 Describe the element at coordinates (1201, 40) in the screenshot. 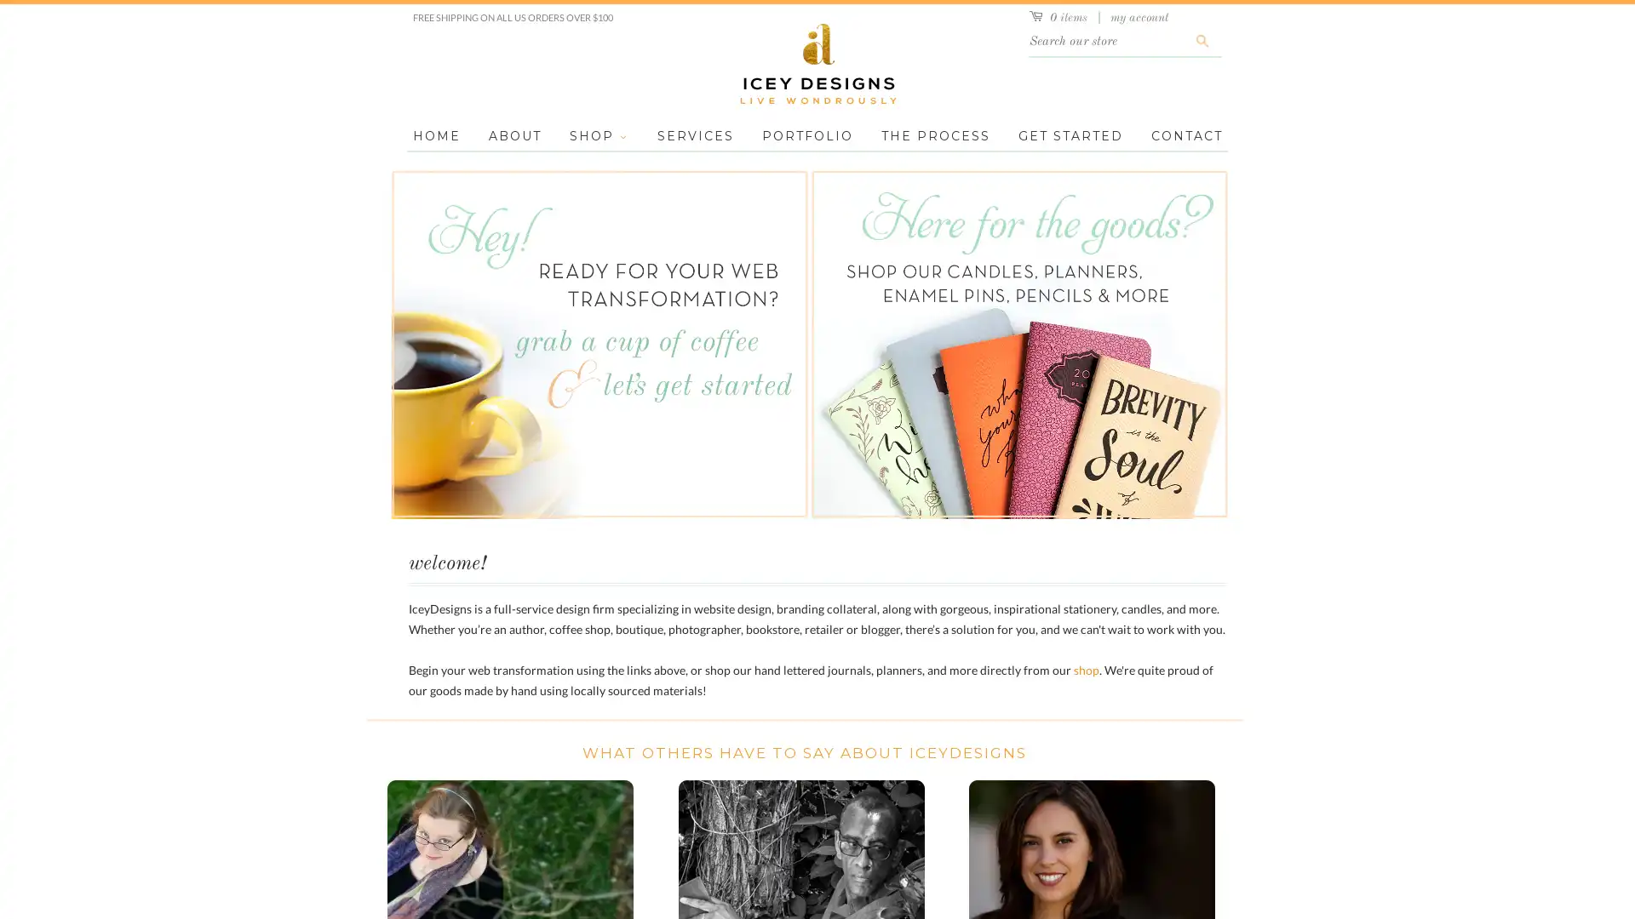

I see `Search` at that location.